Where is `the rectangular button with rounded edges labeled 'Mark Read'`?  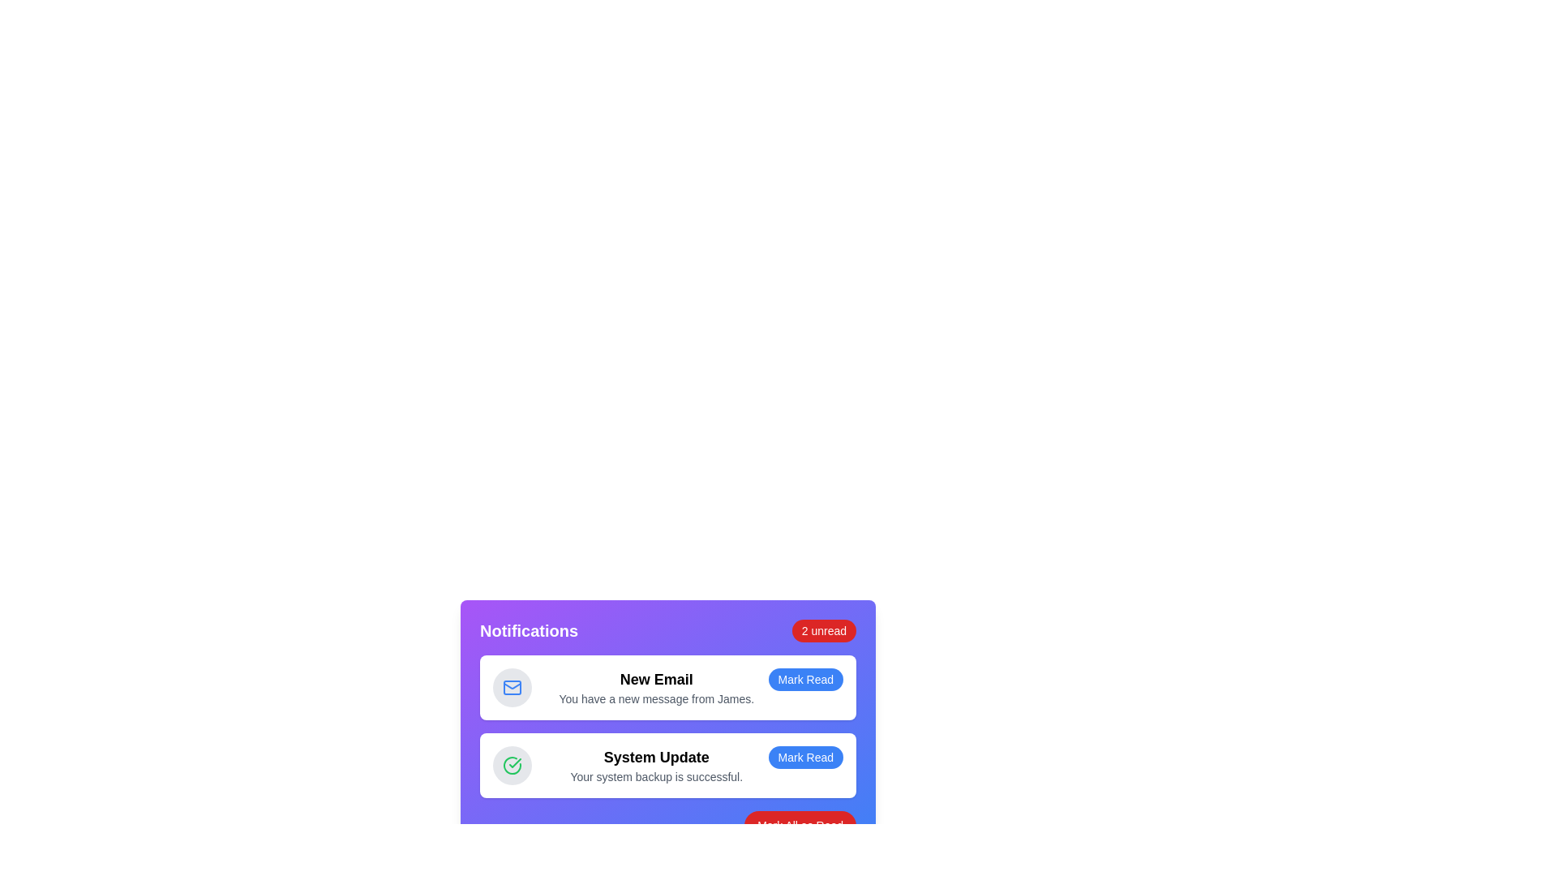
the rectangular button with rounded edges labeled 'Mark Read' is located at coordinates (805, 757).